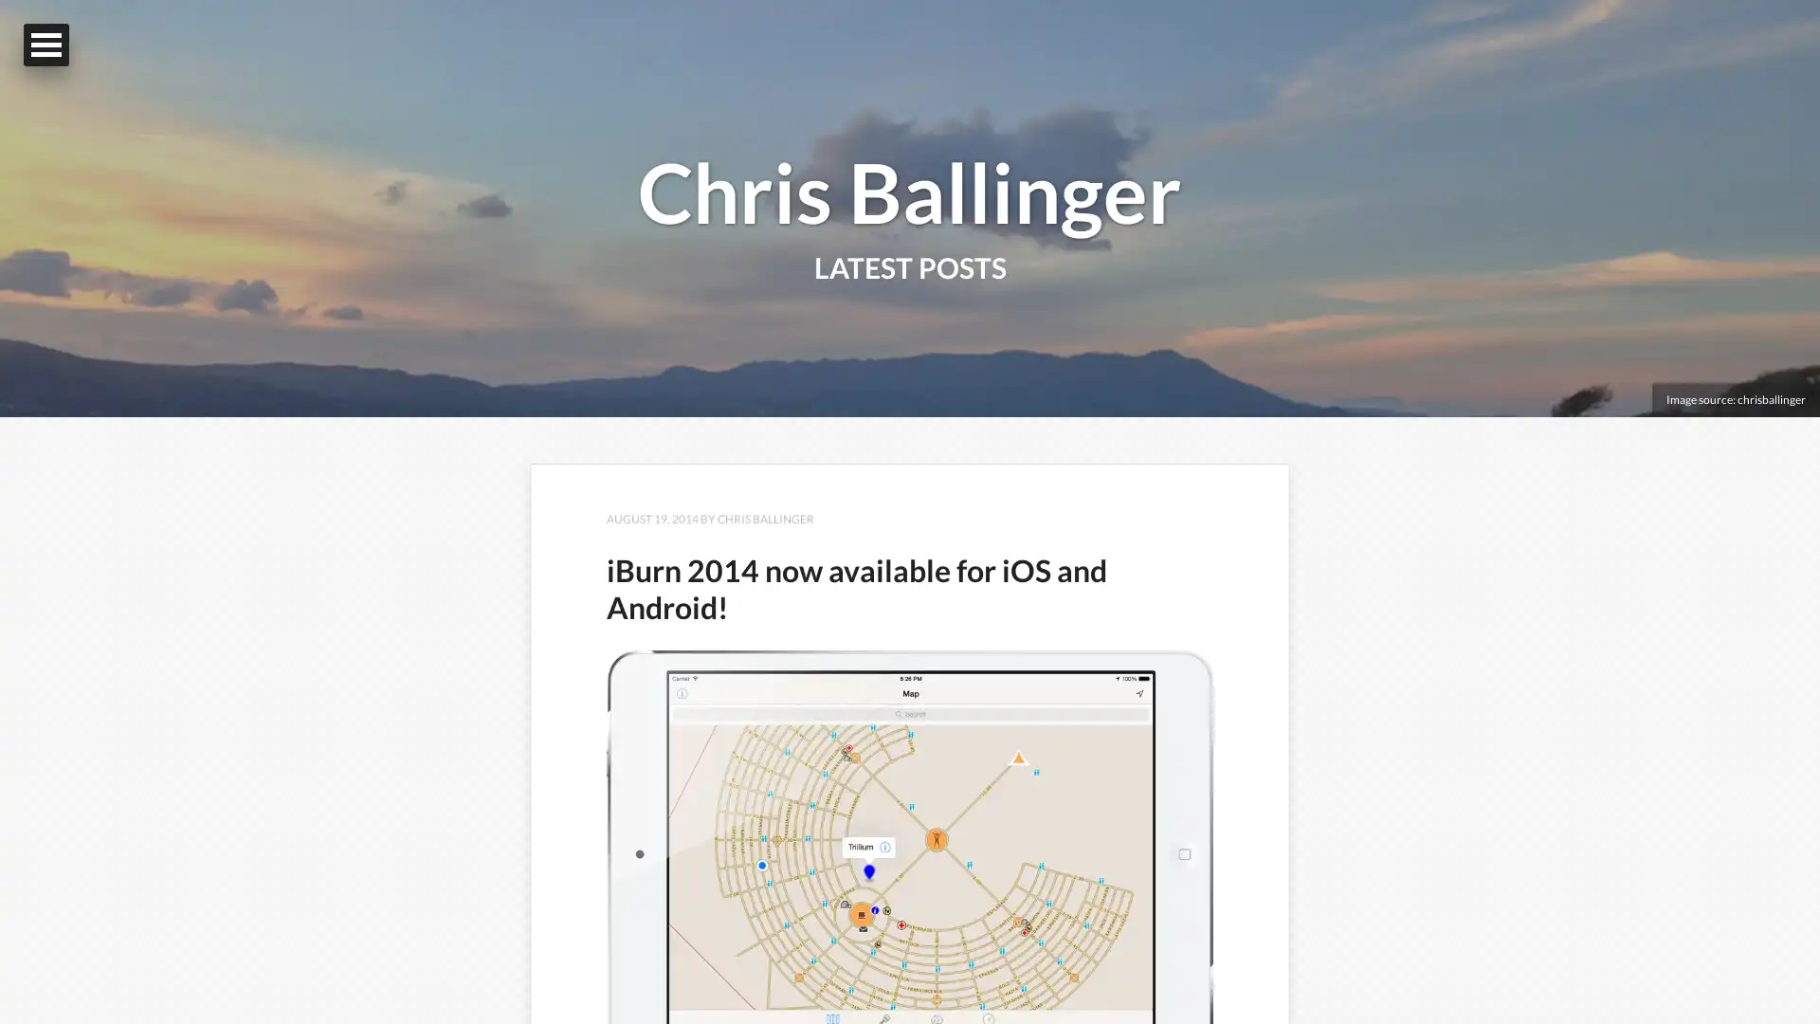 This screenshot has width=1820, height=1024. Describe the element at coordinates (45, 44) in the screenshot. I see `Open Menu` at that location.